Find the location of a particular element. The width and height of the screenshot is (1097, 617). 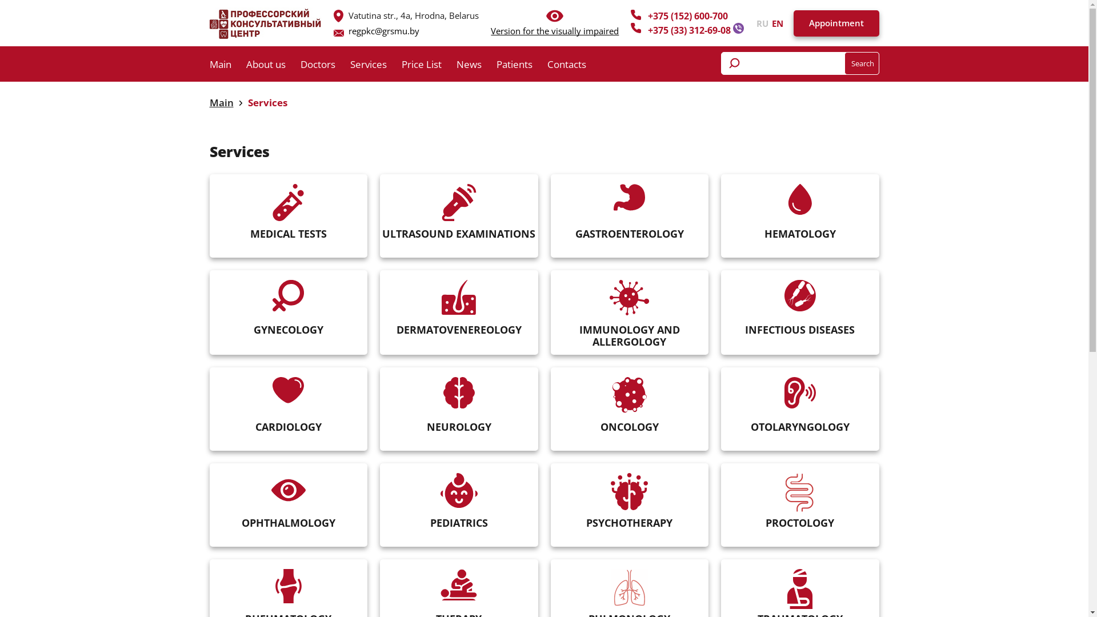

'About us' is located at coordinates (272, 66).